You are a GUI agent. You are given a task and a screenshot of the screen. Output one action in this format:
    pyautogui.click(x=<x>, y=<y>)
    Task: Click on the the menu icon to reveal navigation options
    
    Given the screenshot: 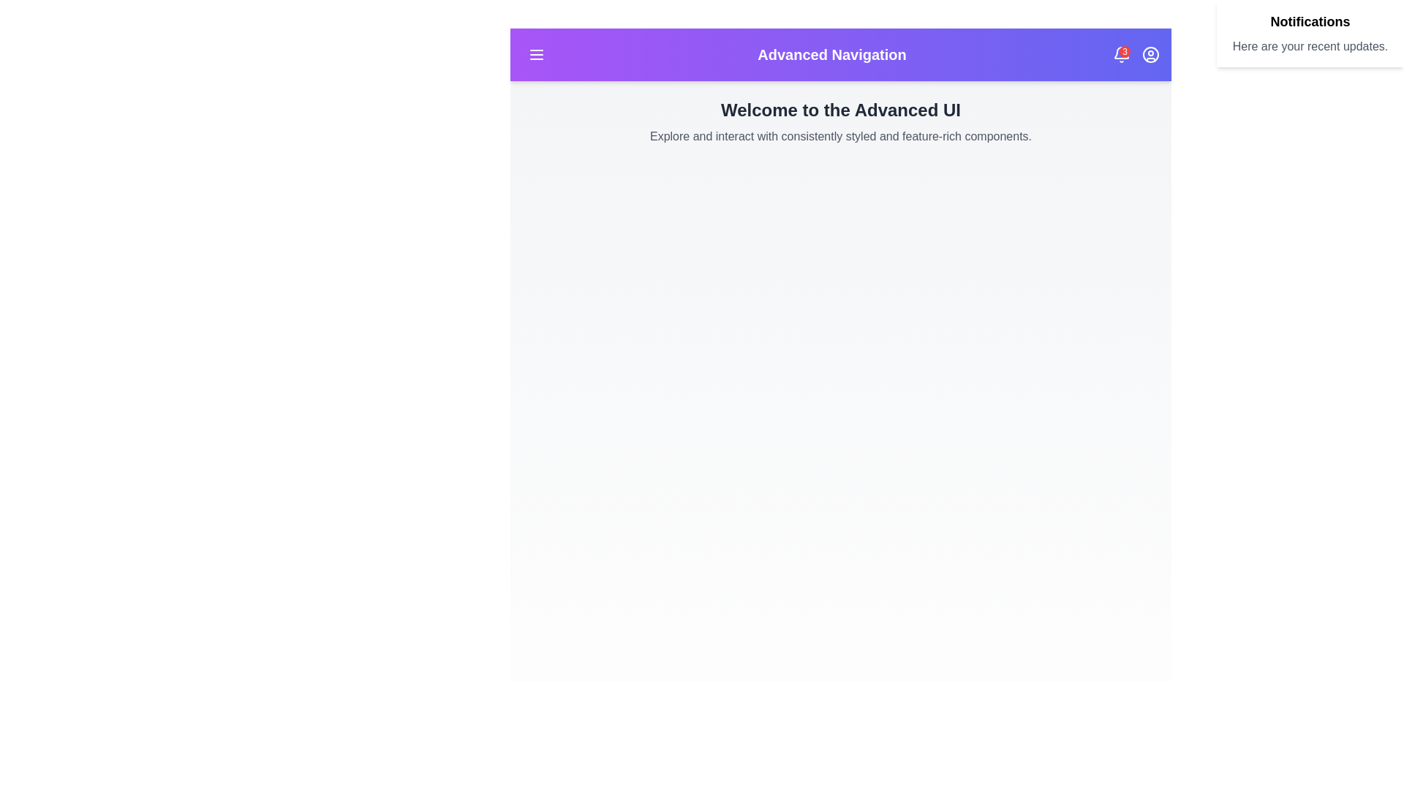 What is the action you would take?
    pyautogui.click(x=536, y=53)
    